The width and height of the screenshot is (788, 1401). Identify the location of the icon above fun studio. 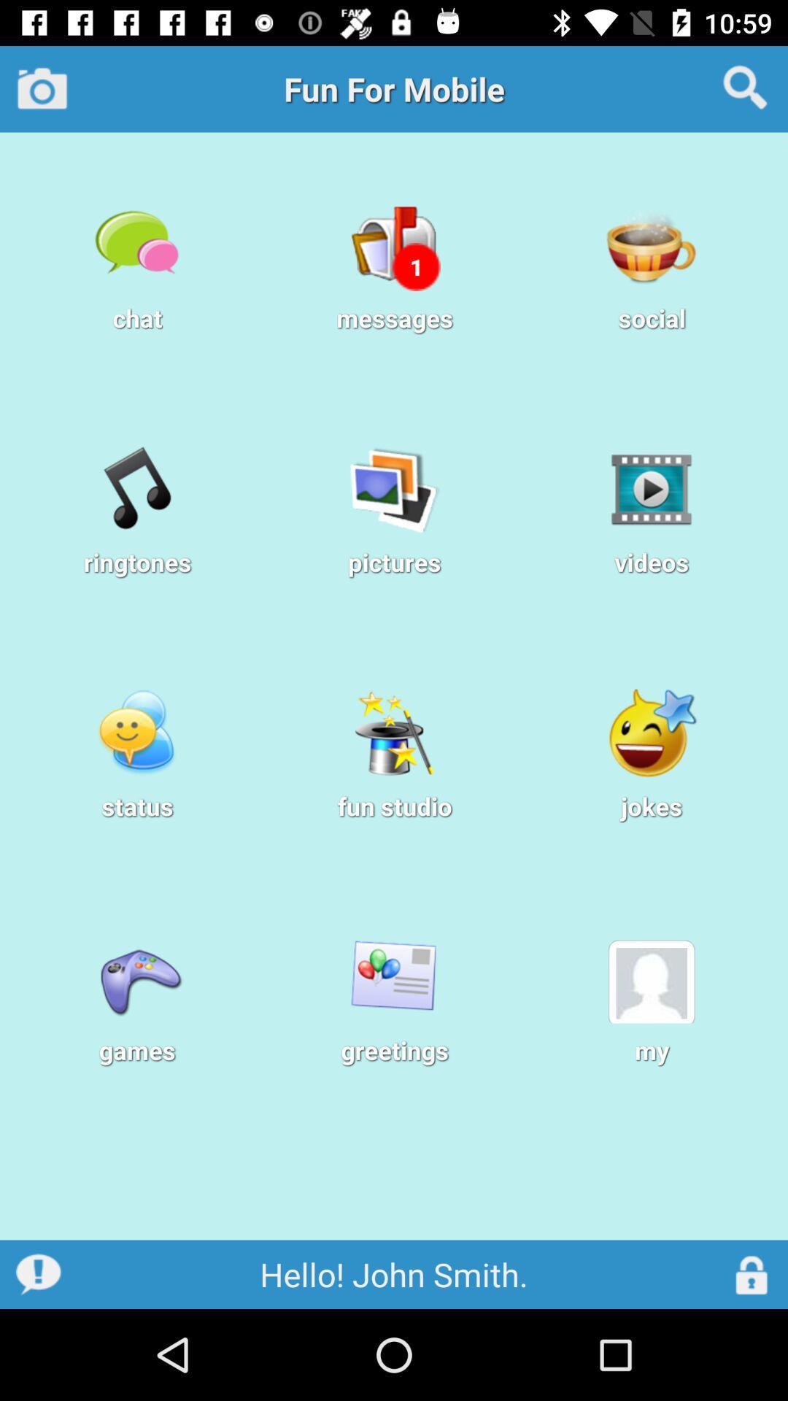
(394, 733).